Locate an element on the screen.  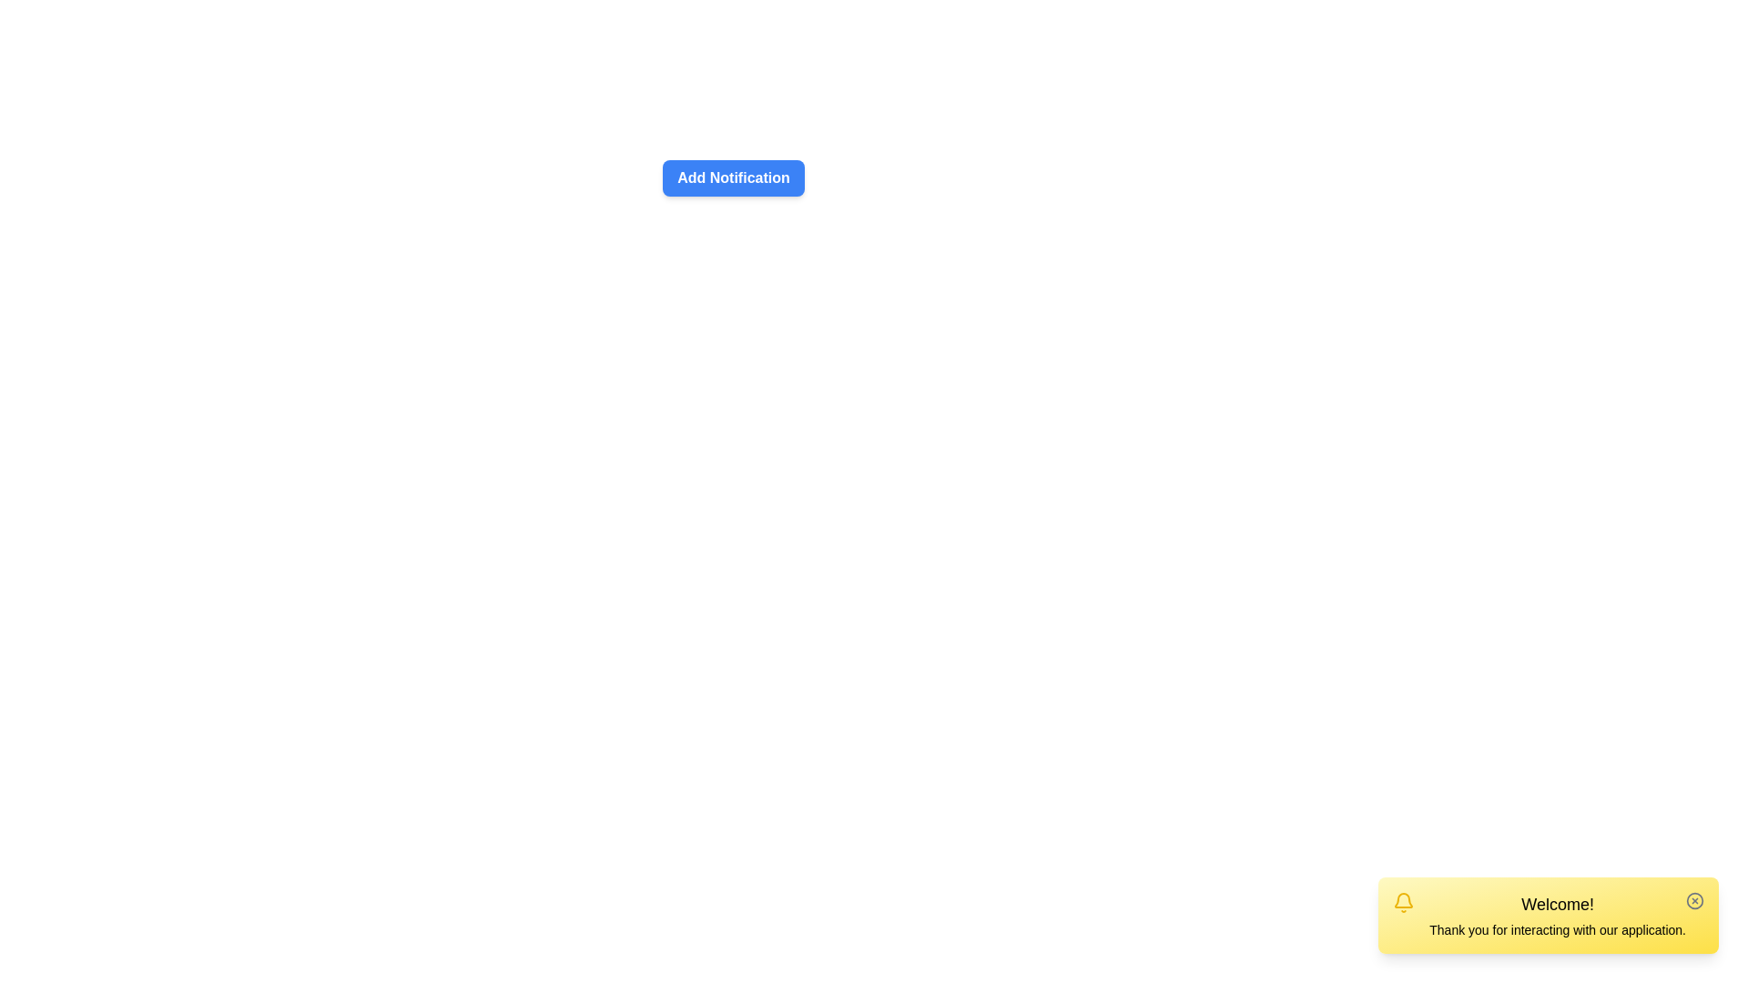
the prominent text label reading 'Welcome!' styled with a large font size and medium weight, displayed in black against a light yellow background is located at coordinates (1557, 905).